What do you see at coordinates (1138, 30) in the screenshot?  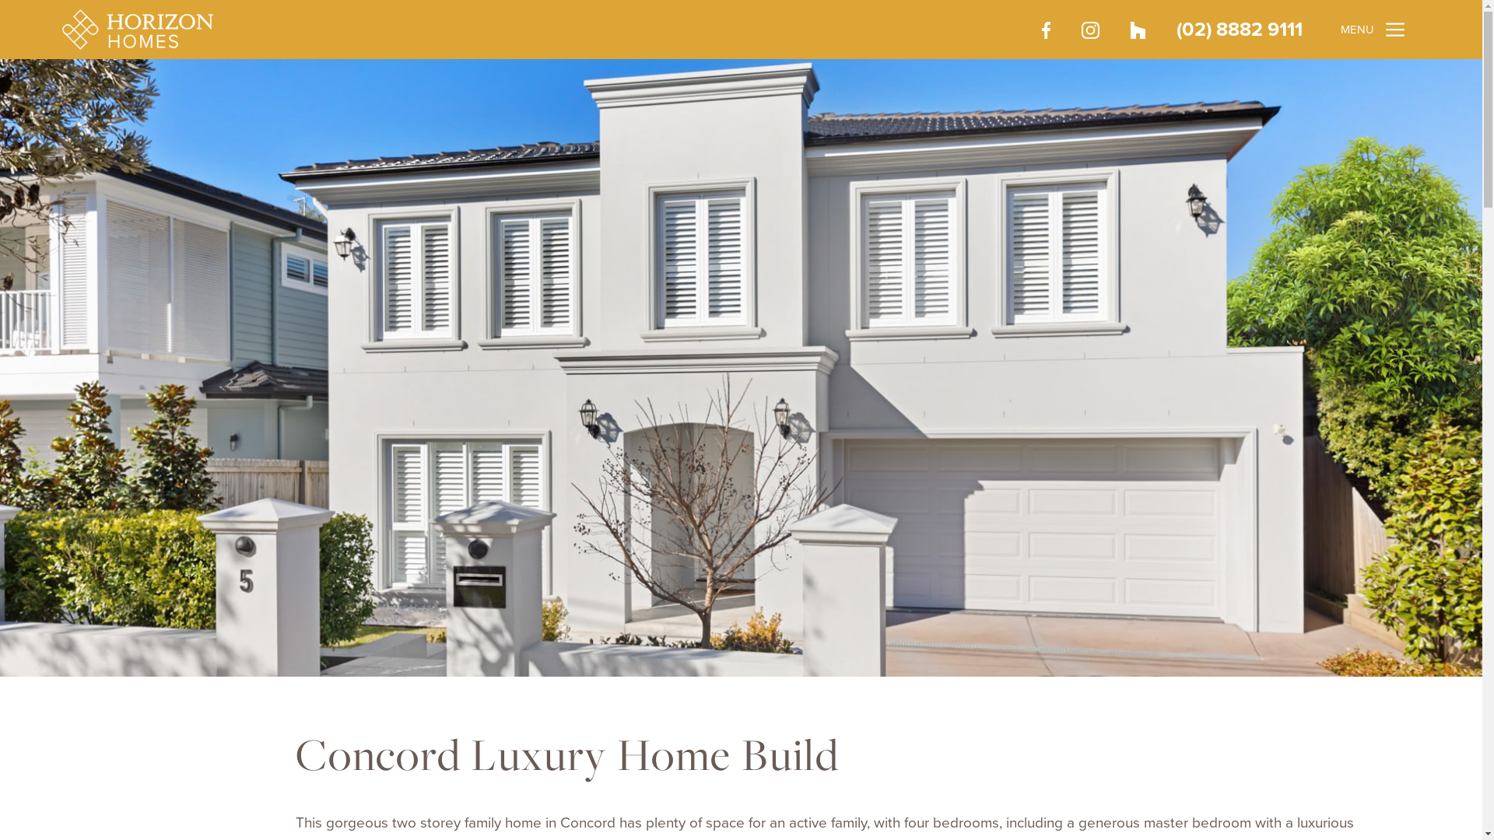 I see `'Houzz'` at bounding box center [1138, 30].